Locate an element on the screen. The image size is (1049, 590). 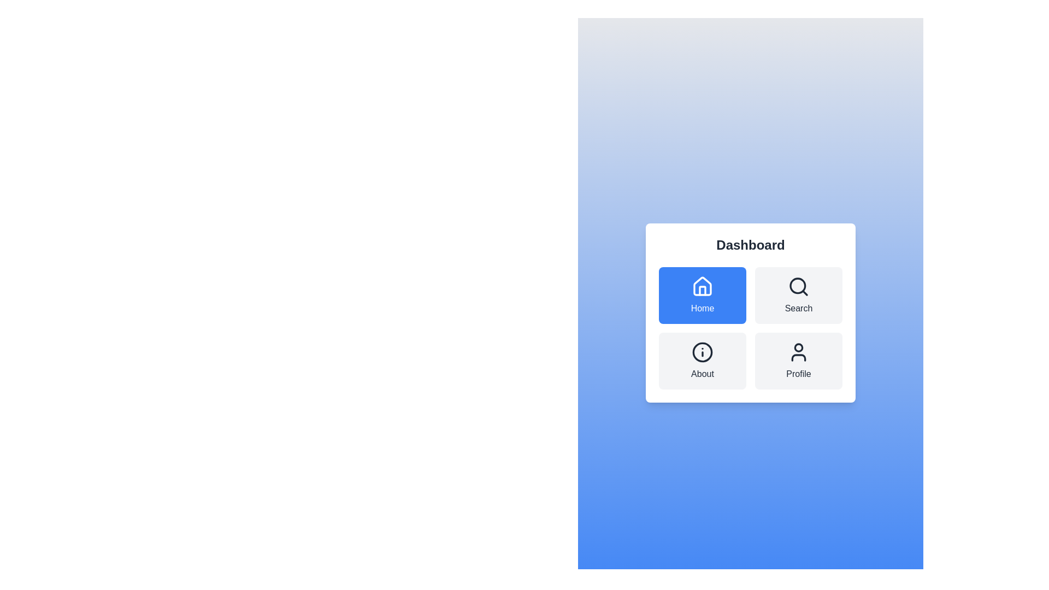
the 'Home' icon is located at coordinates (703, 286).